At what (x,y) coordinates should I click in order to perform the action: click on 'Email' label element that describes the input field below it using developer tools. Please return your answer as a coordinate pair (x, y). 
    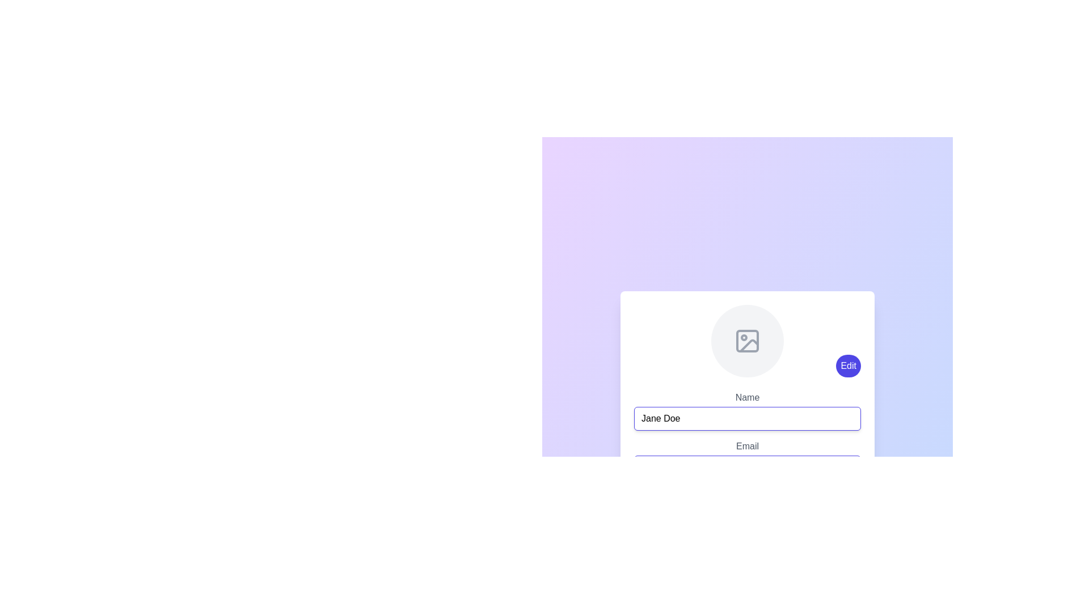
    Looking at the image, I should click on (748, 443).